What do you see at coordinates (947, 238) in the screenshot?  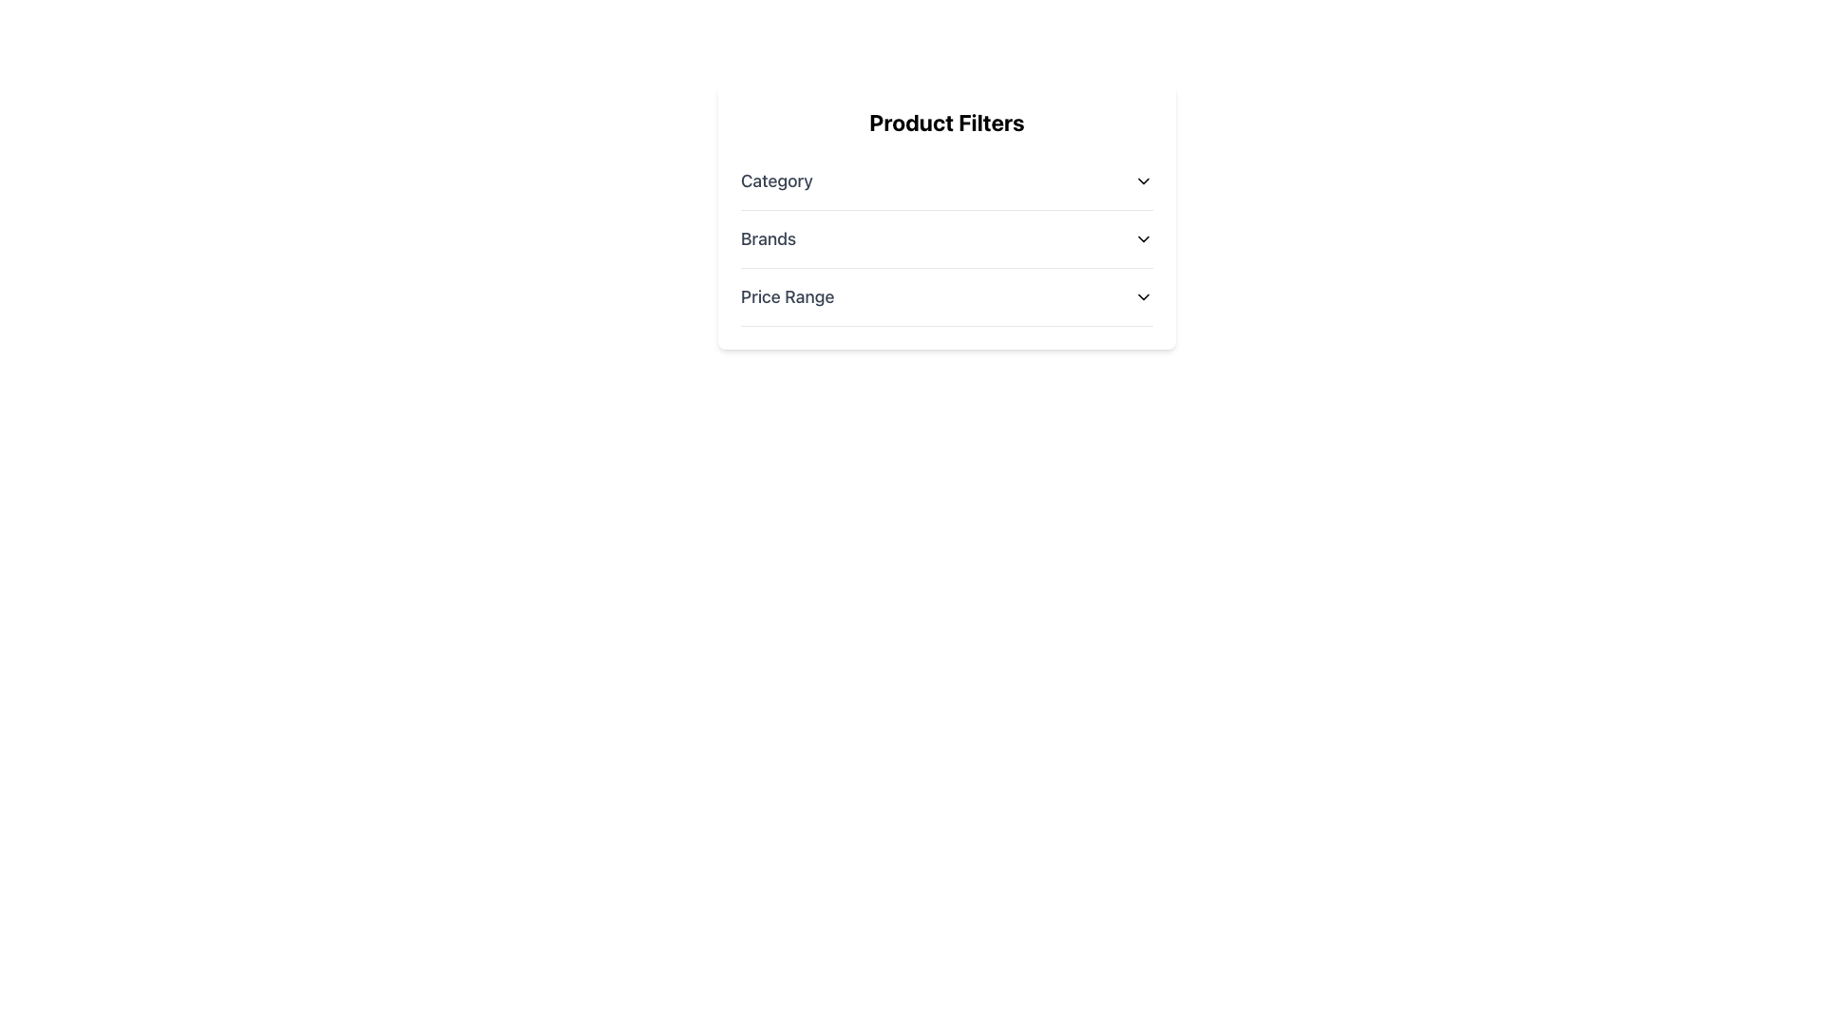 I see `the Dropdown Menu Trigger element in the Product Filters section` at bounding box center [947, 238].